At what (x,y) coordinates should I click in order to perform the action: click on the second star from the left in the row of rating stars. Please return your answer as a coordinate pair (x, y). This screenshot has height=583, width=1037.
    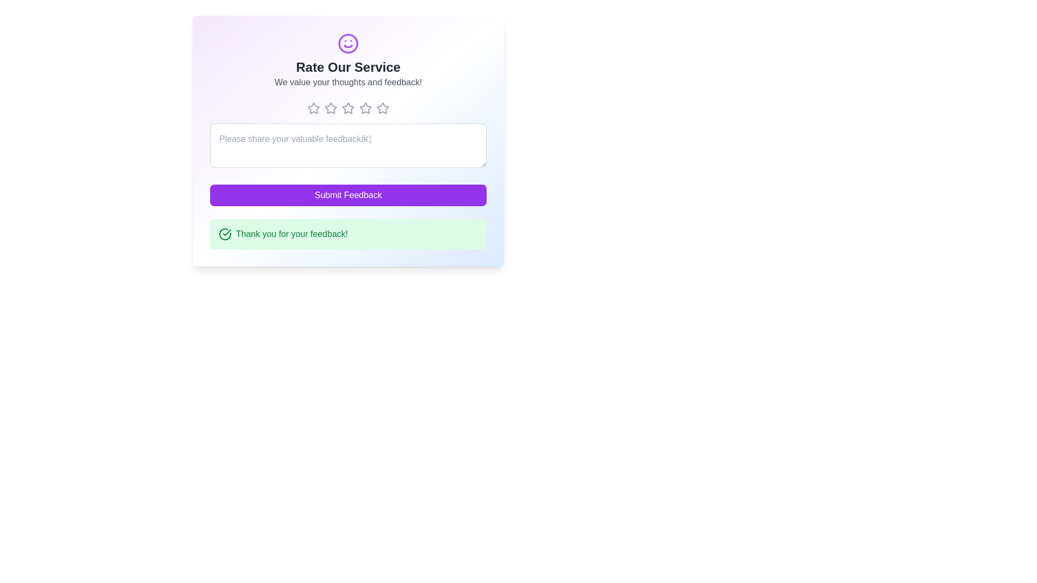
    Looking at the image, I should click on (331, 108).